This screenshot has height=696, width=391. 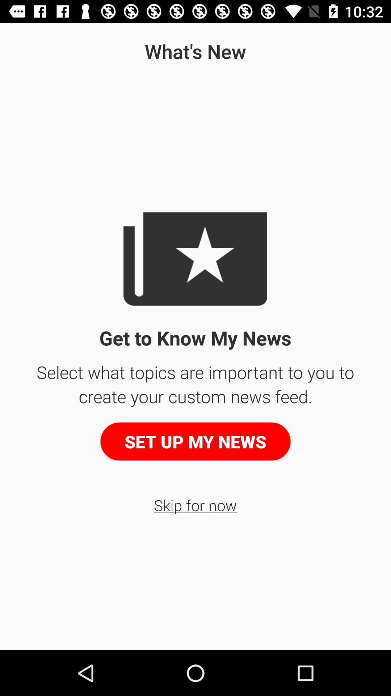 What do you see at coordinates (195, 505) in the screenshot?
I see `the item below set up my` at bounding box center [195, 505].